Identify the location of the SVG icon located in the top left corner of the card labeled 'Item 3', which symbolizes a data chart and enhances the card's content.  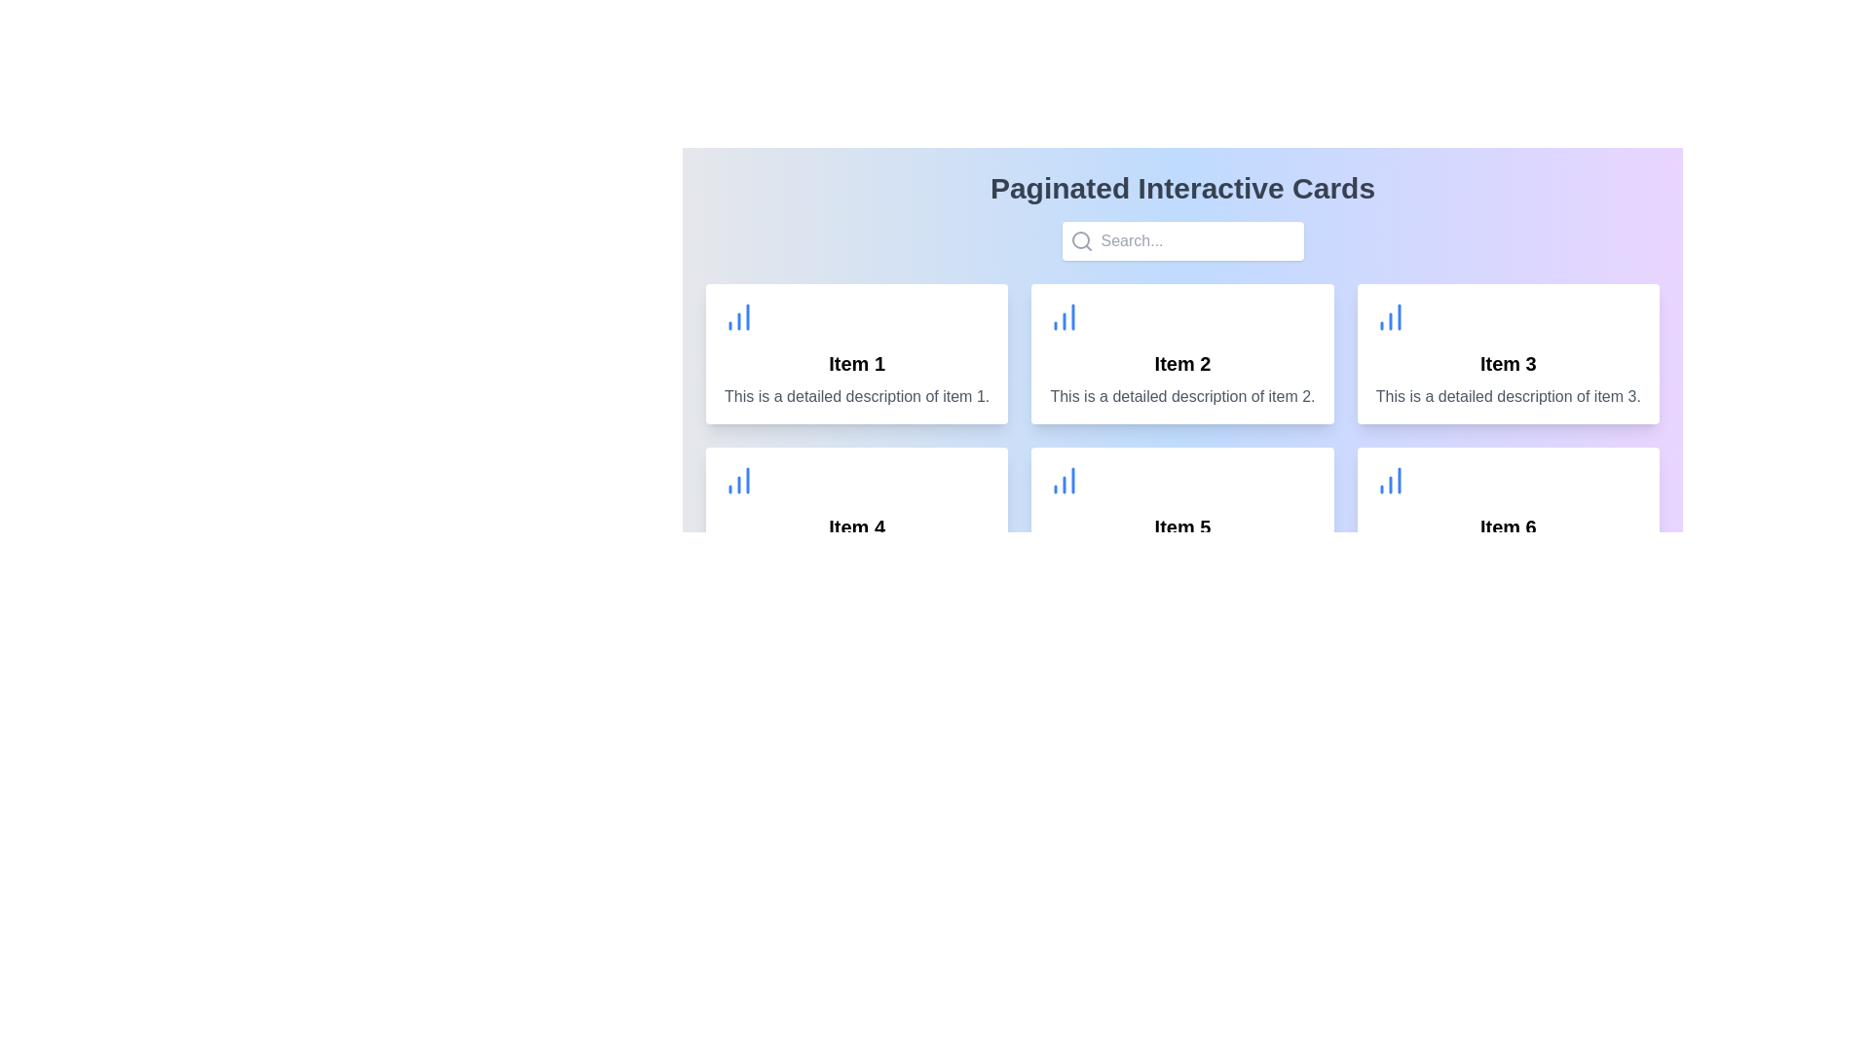
(1389, 316).